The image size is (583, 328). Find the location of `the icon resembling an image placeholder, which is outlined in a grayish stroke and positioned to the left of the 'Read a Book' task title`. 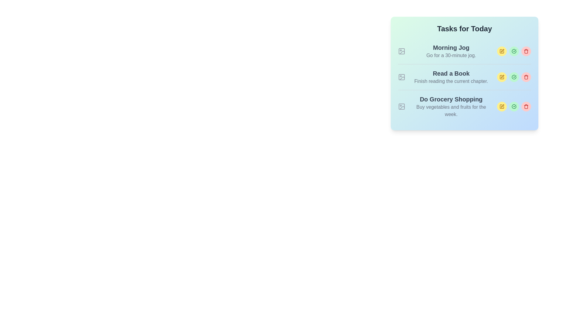

the icon resembling an image placeholder, which is outlined in a grayish stroke and positioned to the left of the 'Read a Book' task title is located at coordinates (402, 77).